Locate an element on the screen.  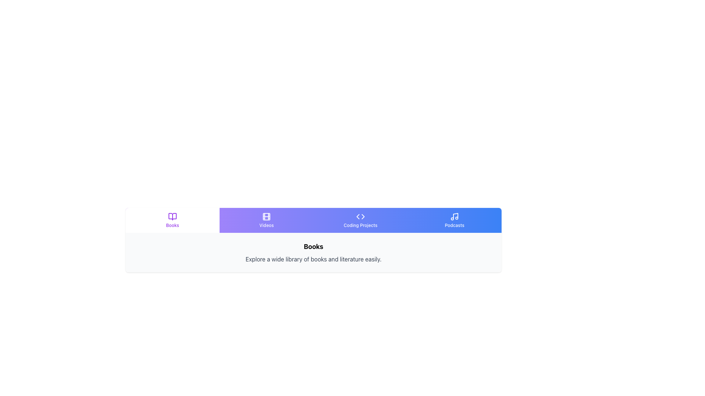
the blue icon resembling coding brackets or inward-pointing arrows in the 'Coding Projects' tab of the navigation bar is located at coordinates (361, 216).